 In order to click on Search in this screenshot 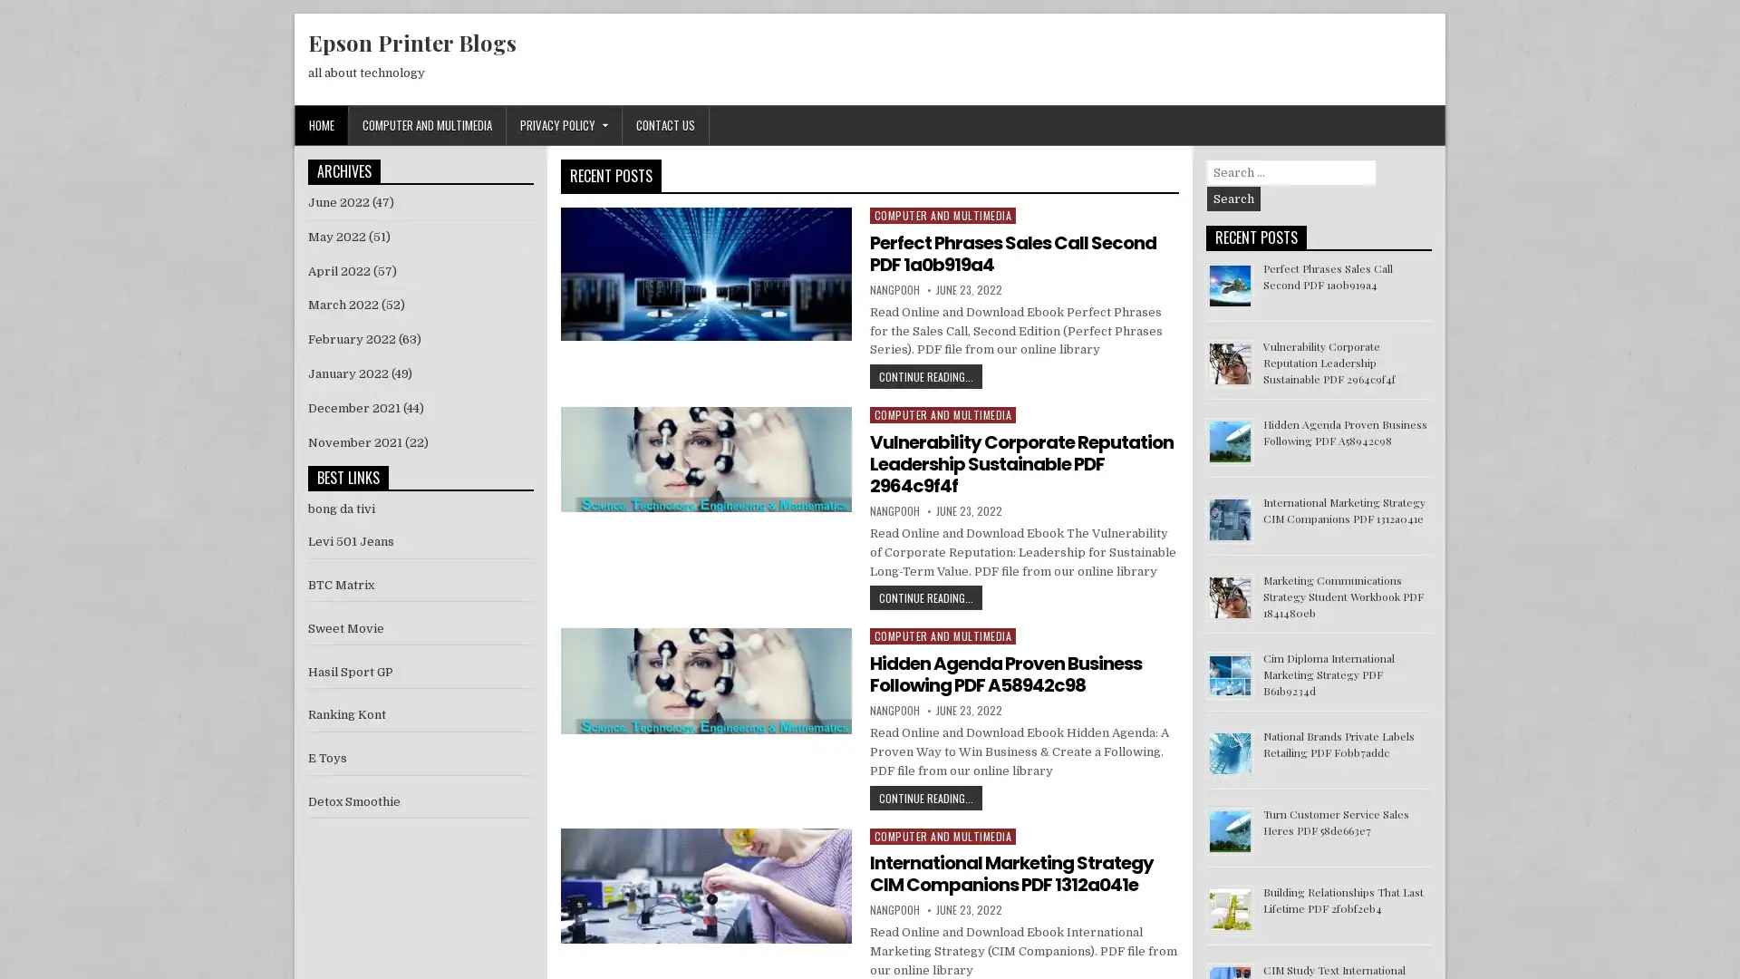, I will do `click(1232, 199)`.